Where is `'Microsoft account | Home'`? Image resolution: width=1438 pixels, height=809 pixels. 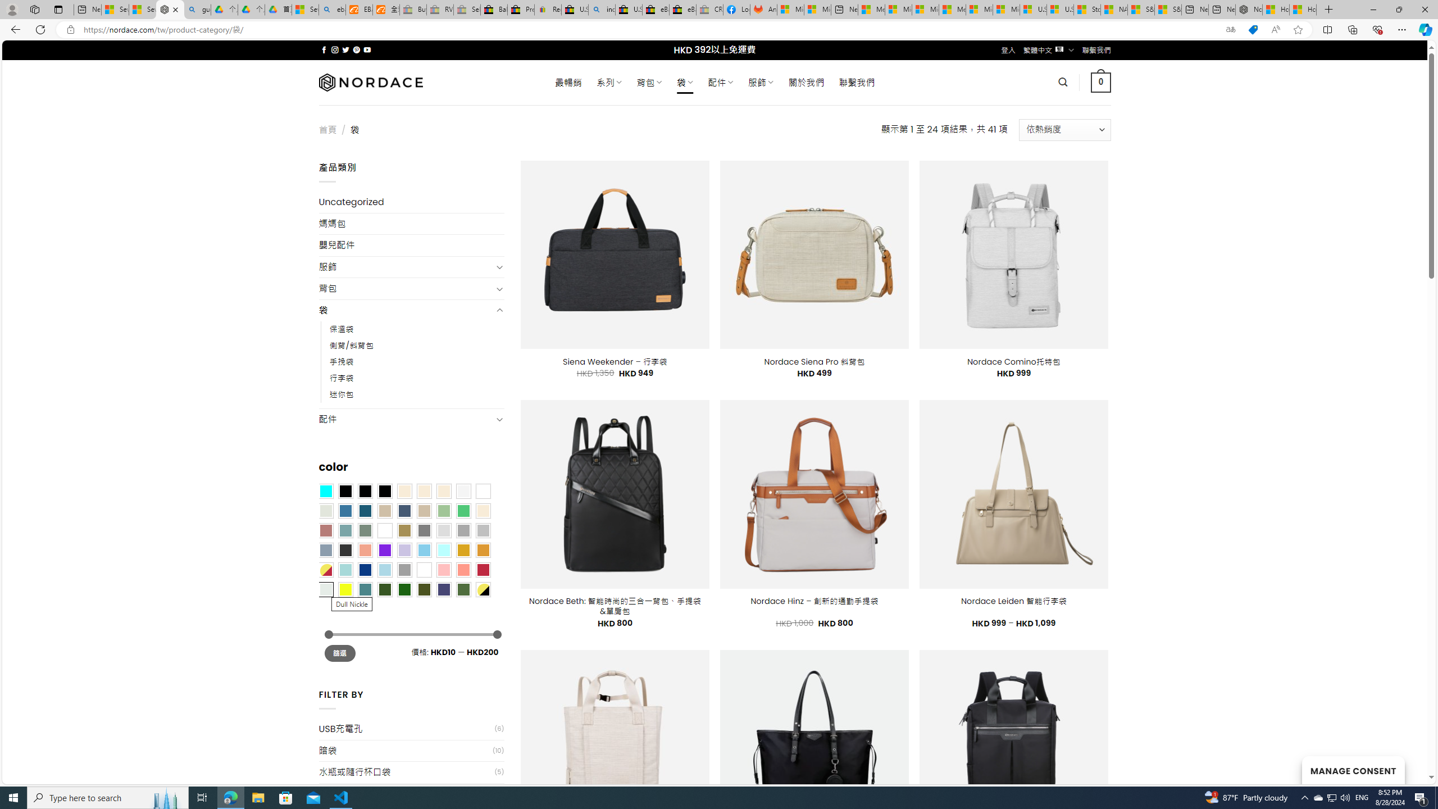 'Microsoft account | Home' is located at coordinates (925, 9).